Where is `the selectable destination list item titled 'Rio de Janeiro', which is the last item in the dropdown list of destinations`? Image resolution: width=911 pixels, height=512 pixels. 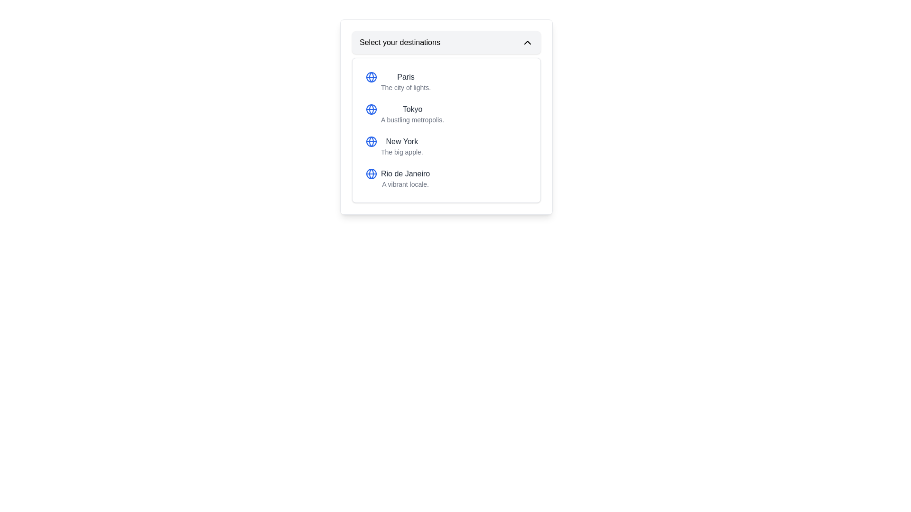
the selectable destination list item titled 'Rio de Janeiro', which is the last item in the dropdown list of destinations is located at coordinates (405, 179).